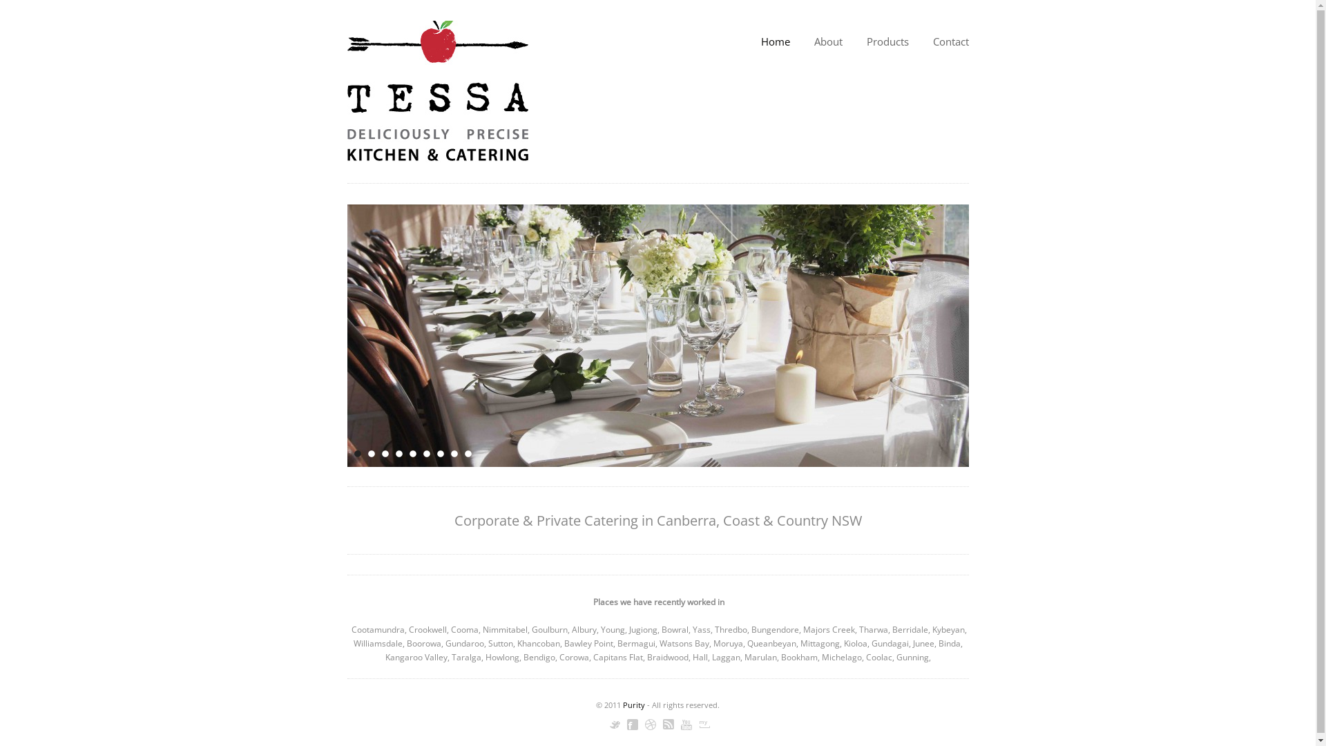 The width and height of the screenshot is (1326, 746). Describe the element at coordinates (397, 453) in the screenshot. I see `'4'` at that location.